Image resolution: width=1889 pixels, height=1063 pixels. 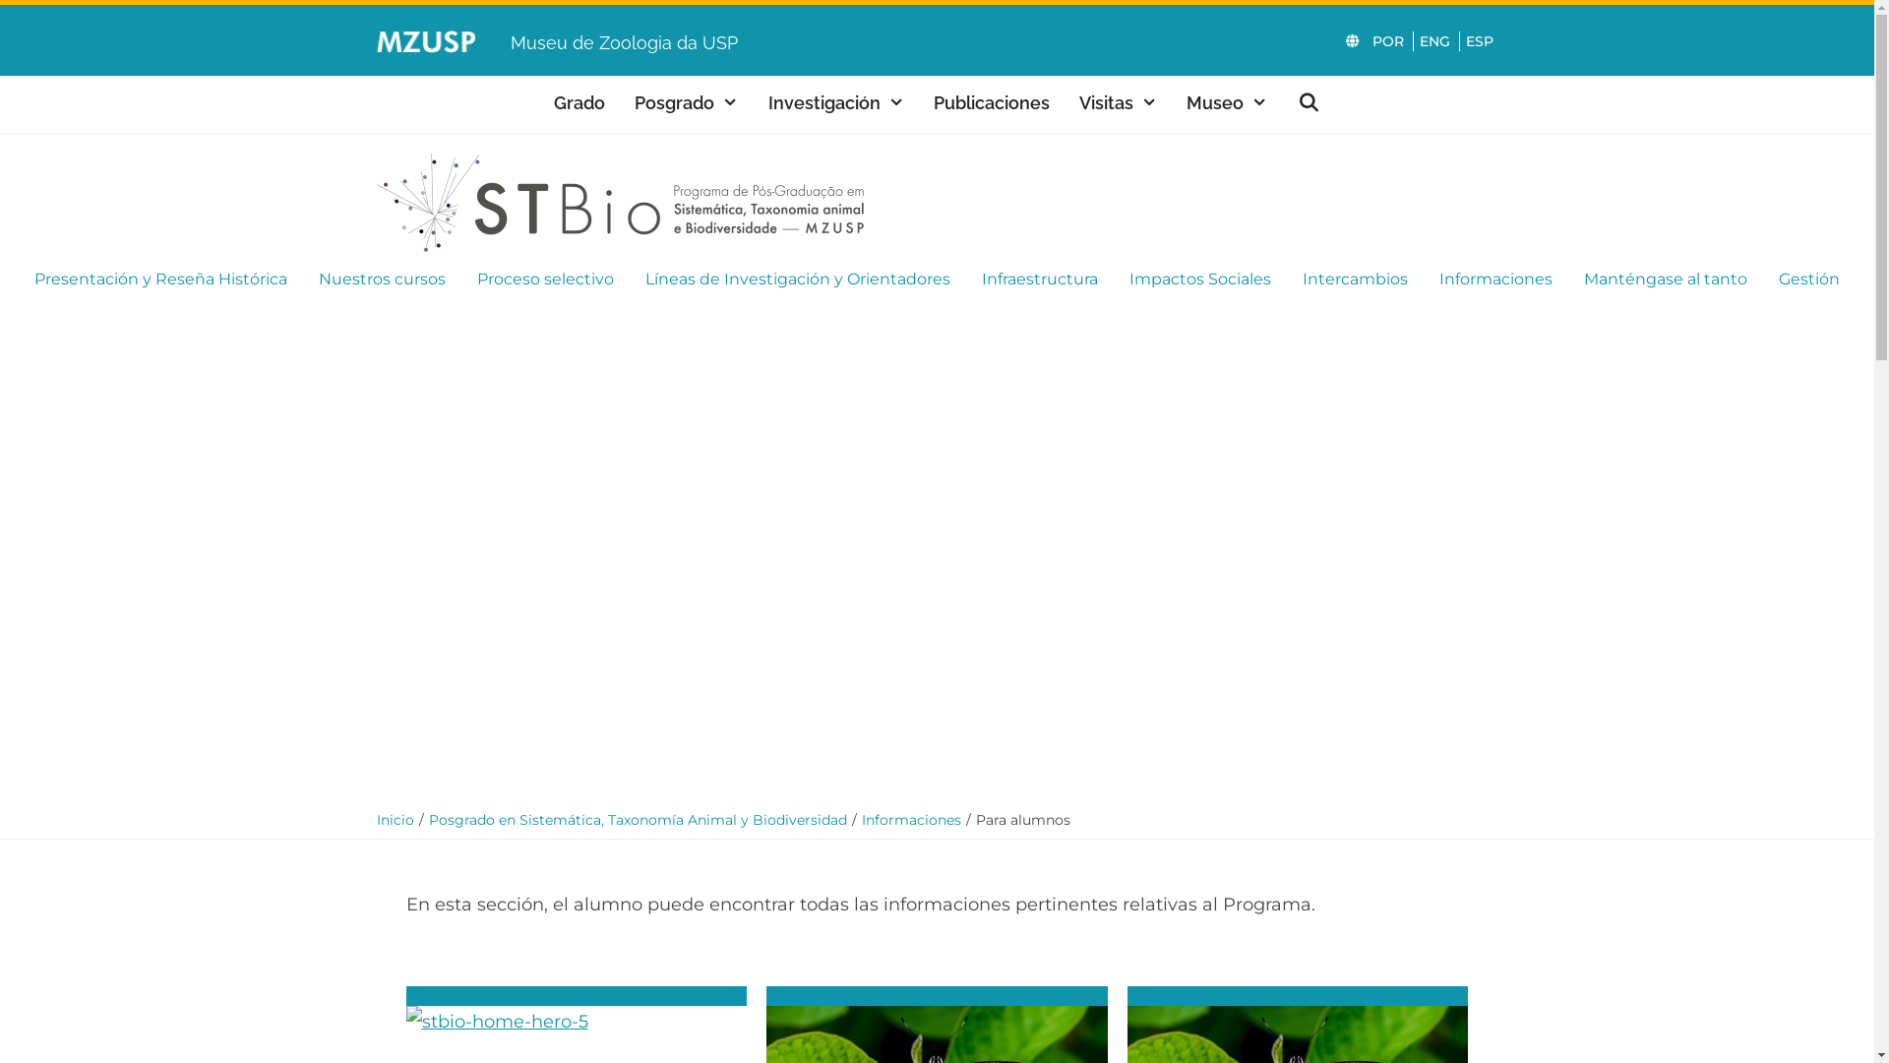 What do you see at coordinates (1478, 41) in the screenshot?
I see `'ESP'` at bounding box center [1478, 41].